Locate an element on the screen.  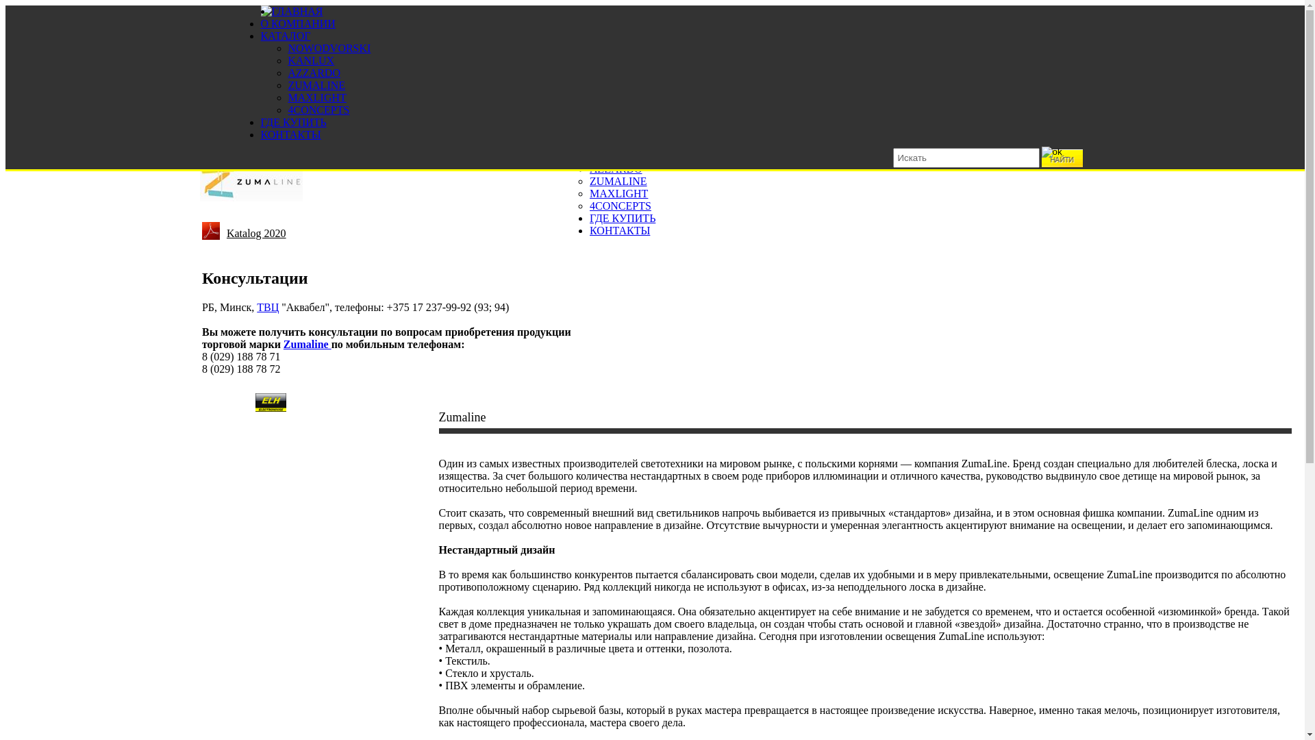
'KANLUX' is located at coordinates (310, 60).